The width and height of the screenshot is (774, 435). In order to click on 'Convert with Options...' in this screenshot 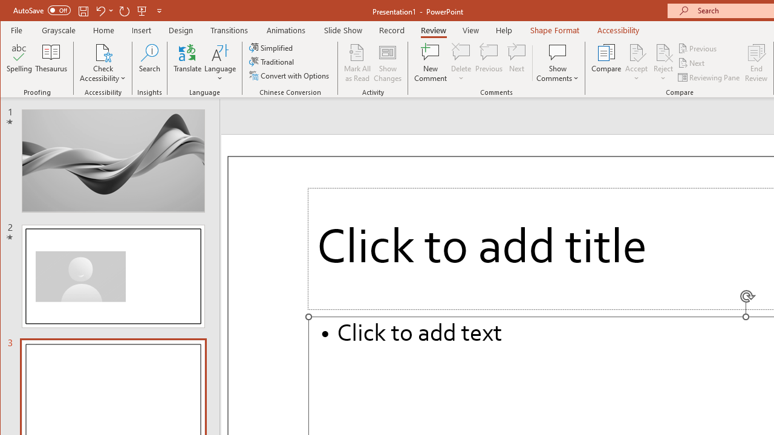, I will do `click(290, 76)`.